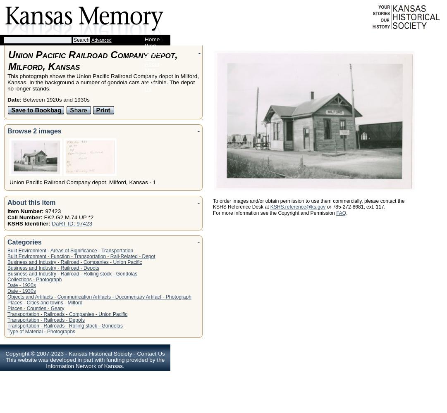  What do you see at coordinates (153, 52) in the screenshot?
I see `'Browse'` at bounding box center [153, 52].